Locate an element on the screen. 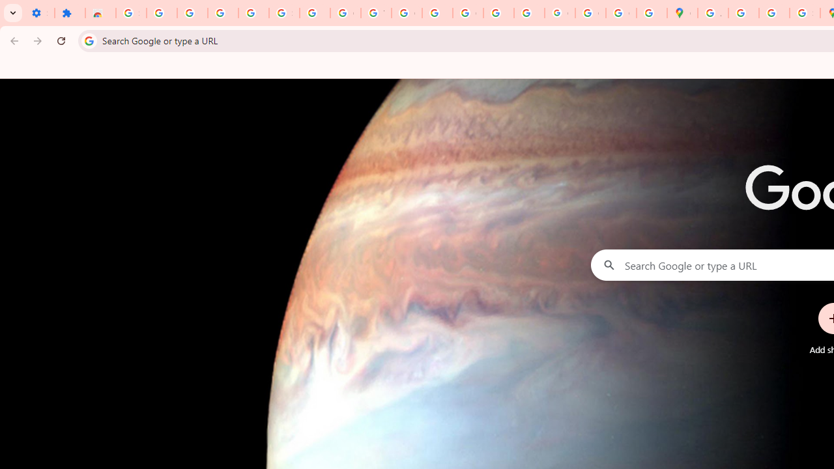  'Settings - On startup' is located at coordinates (39, 13).